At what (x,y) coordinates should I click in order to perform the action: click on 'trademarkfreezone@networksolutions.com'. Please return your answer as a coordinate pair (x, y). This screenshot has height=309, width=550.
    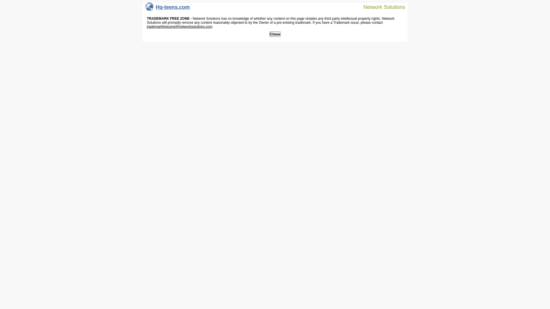
    Looking at the image, I should click on (179, 26).